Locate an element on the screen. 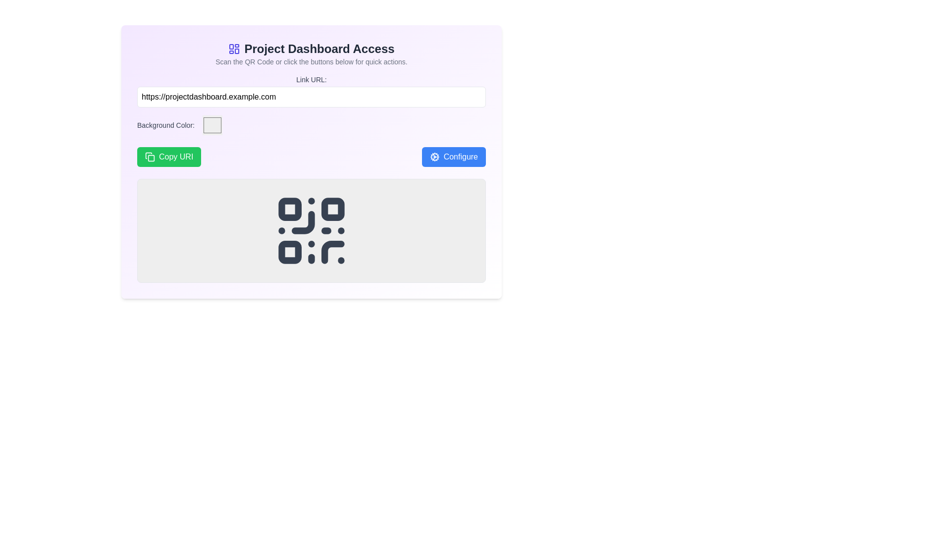 The width and height of the screenshot is (951, 535). the small rounded square with a dark fill color located in the bottom-left quadrant of the QR code, which is the third square in the sequence of small squares is located at coordinates (289, 252).